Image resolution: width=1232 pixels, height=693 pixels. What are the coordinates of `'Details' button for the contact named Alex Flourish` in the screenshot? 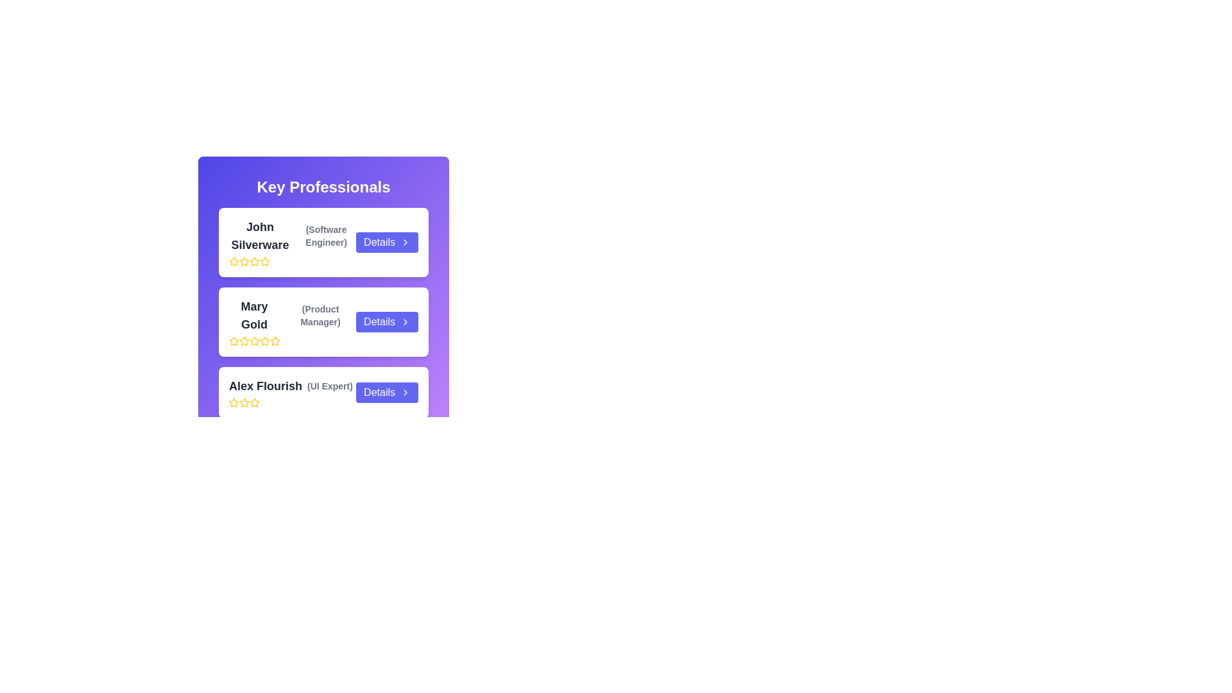 It's located at (386, 392).